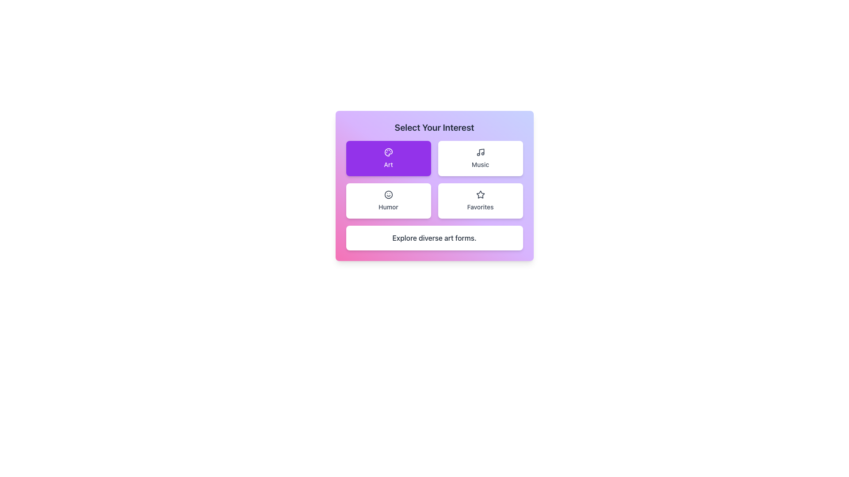  Describe the element at coordinates (388, 201) in the screenshot. I see `the 'Humor' category button located in the second row and first column of the grid layout` at that location.